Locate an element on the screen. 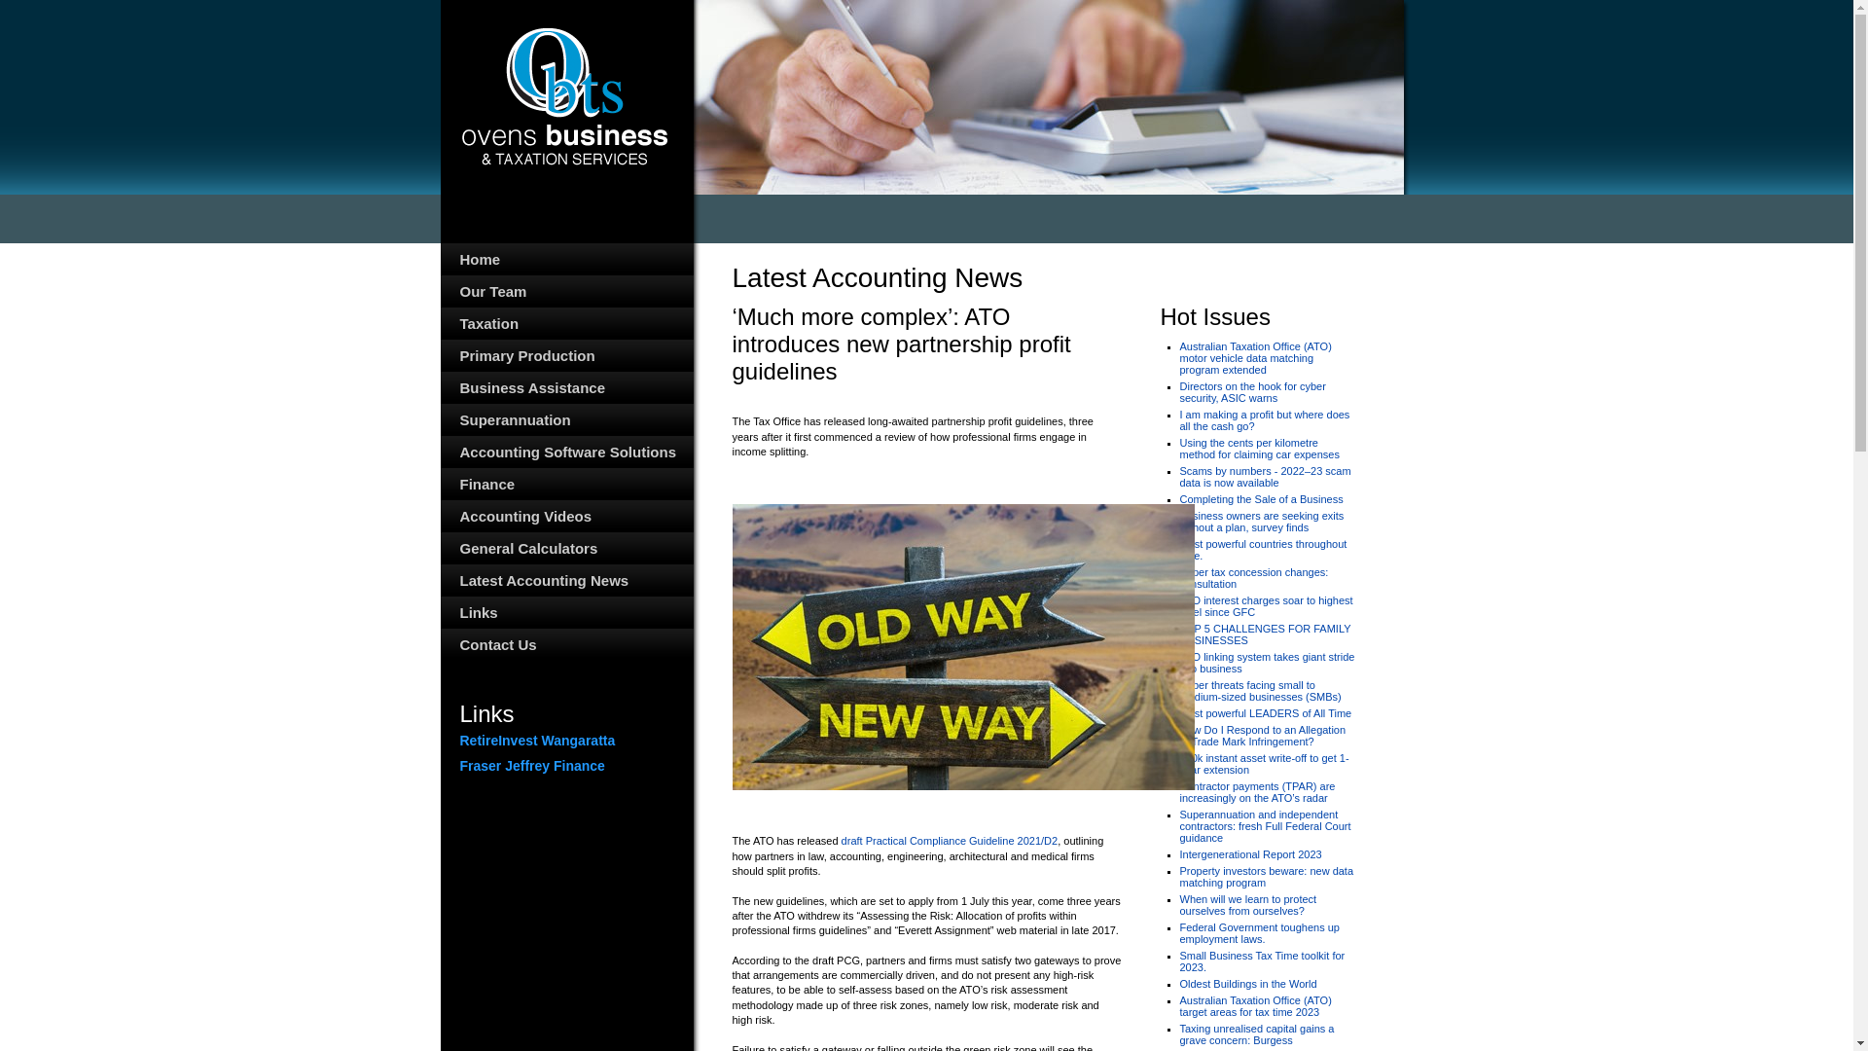  'Super tax concession changes: consultation' is located at coordinates (1253, 577).